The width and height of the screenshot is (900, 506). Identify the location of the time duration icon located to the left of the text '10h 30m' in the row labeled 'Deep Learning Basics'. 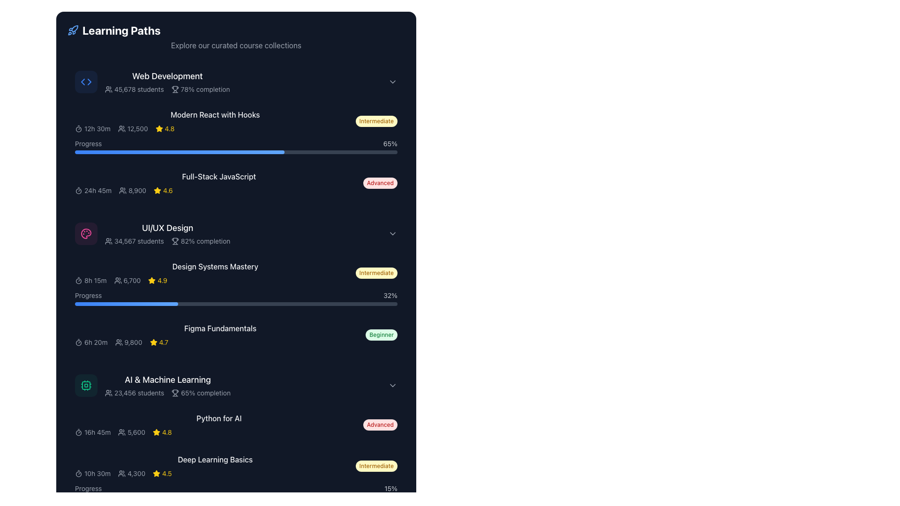
(79, 473).